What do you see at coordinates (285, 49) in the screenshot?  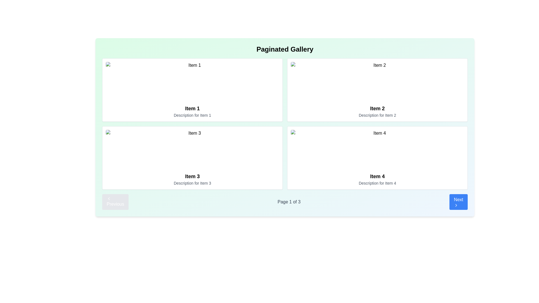 I see `the 'Paginated Gallery' text label, which is a bold and centered text element located at the top of the gallery interface` at bounding box center [285, 49].